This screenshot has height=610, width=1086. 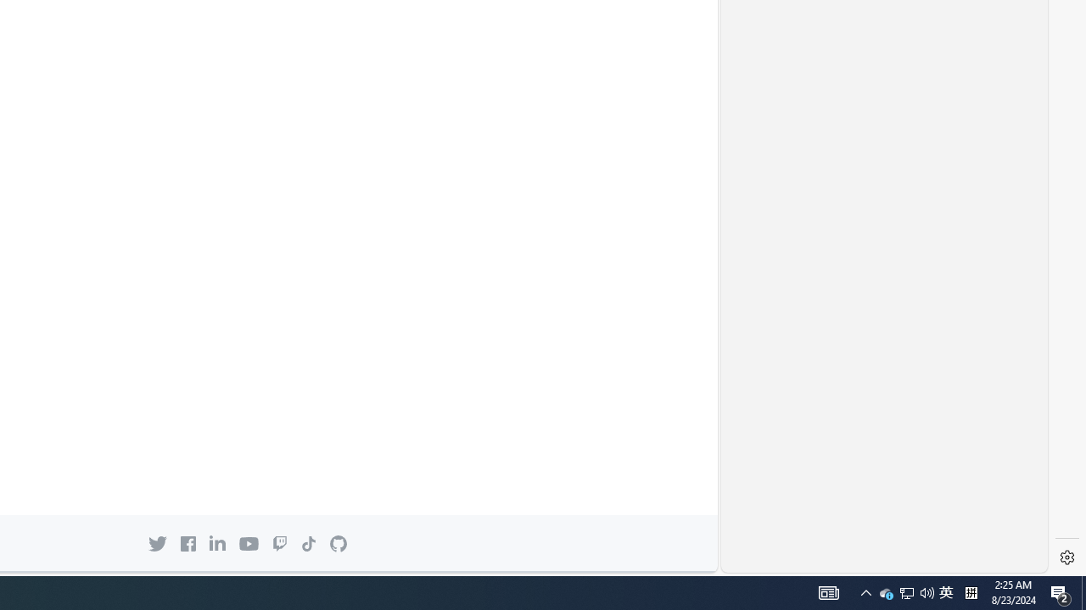 What do you see at coordinates (308, 543) in the screenshot?
I see `'TikTok icon'` at bounding box center [308, 543].